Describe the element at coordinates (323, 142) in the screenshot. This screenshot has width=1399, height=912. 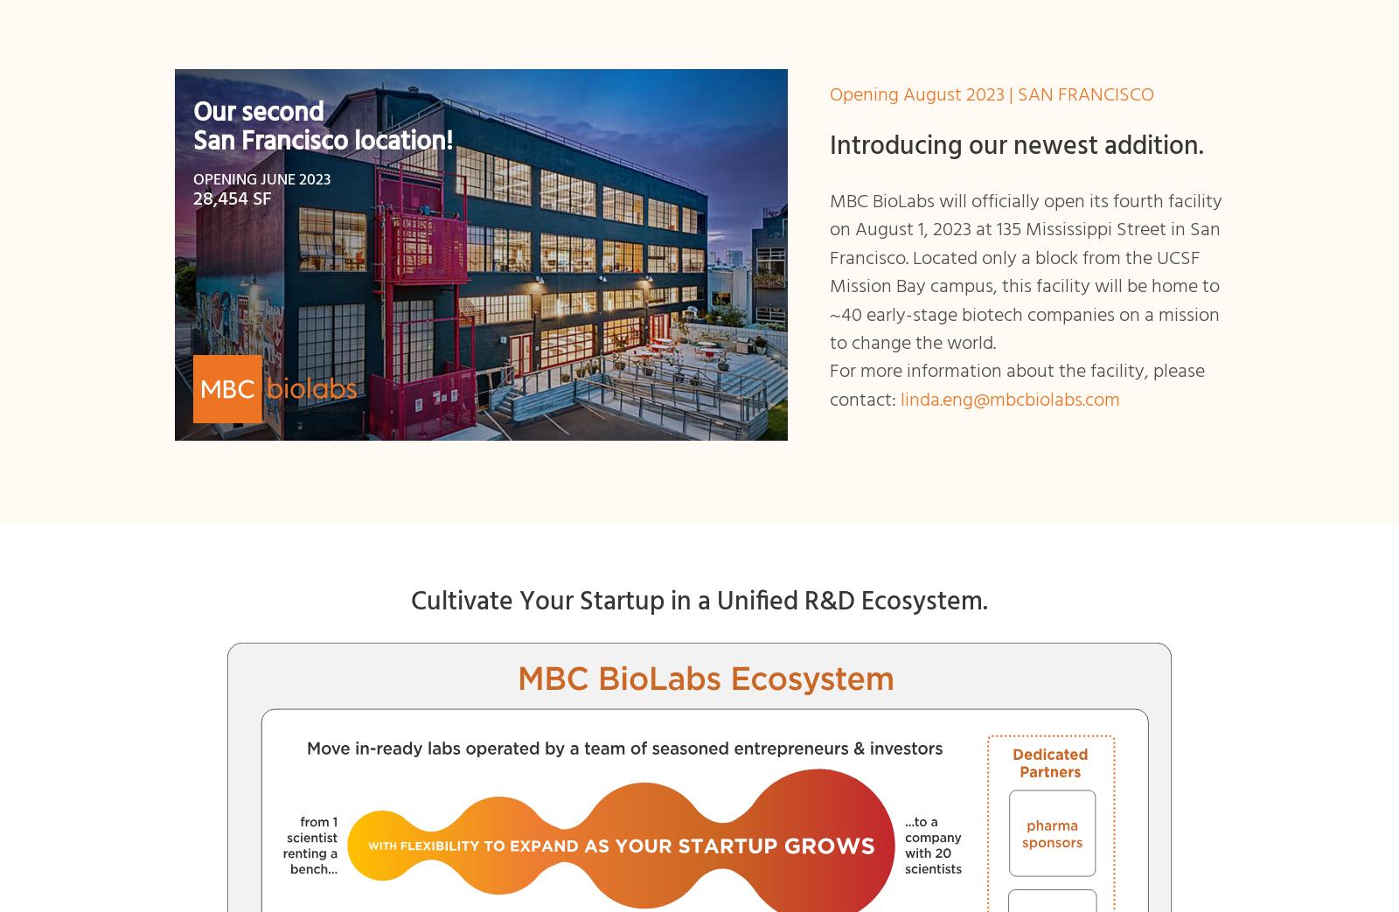
I see `'San Francisco location!'` at that location.